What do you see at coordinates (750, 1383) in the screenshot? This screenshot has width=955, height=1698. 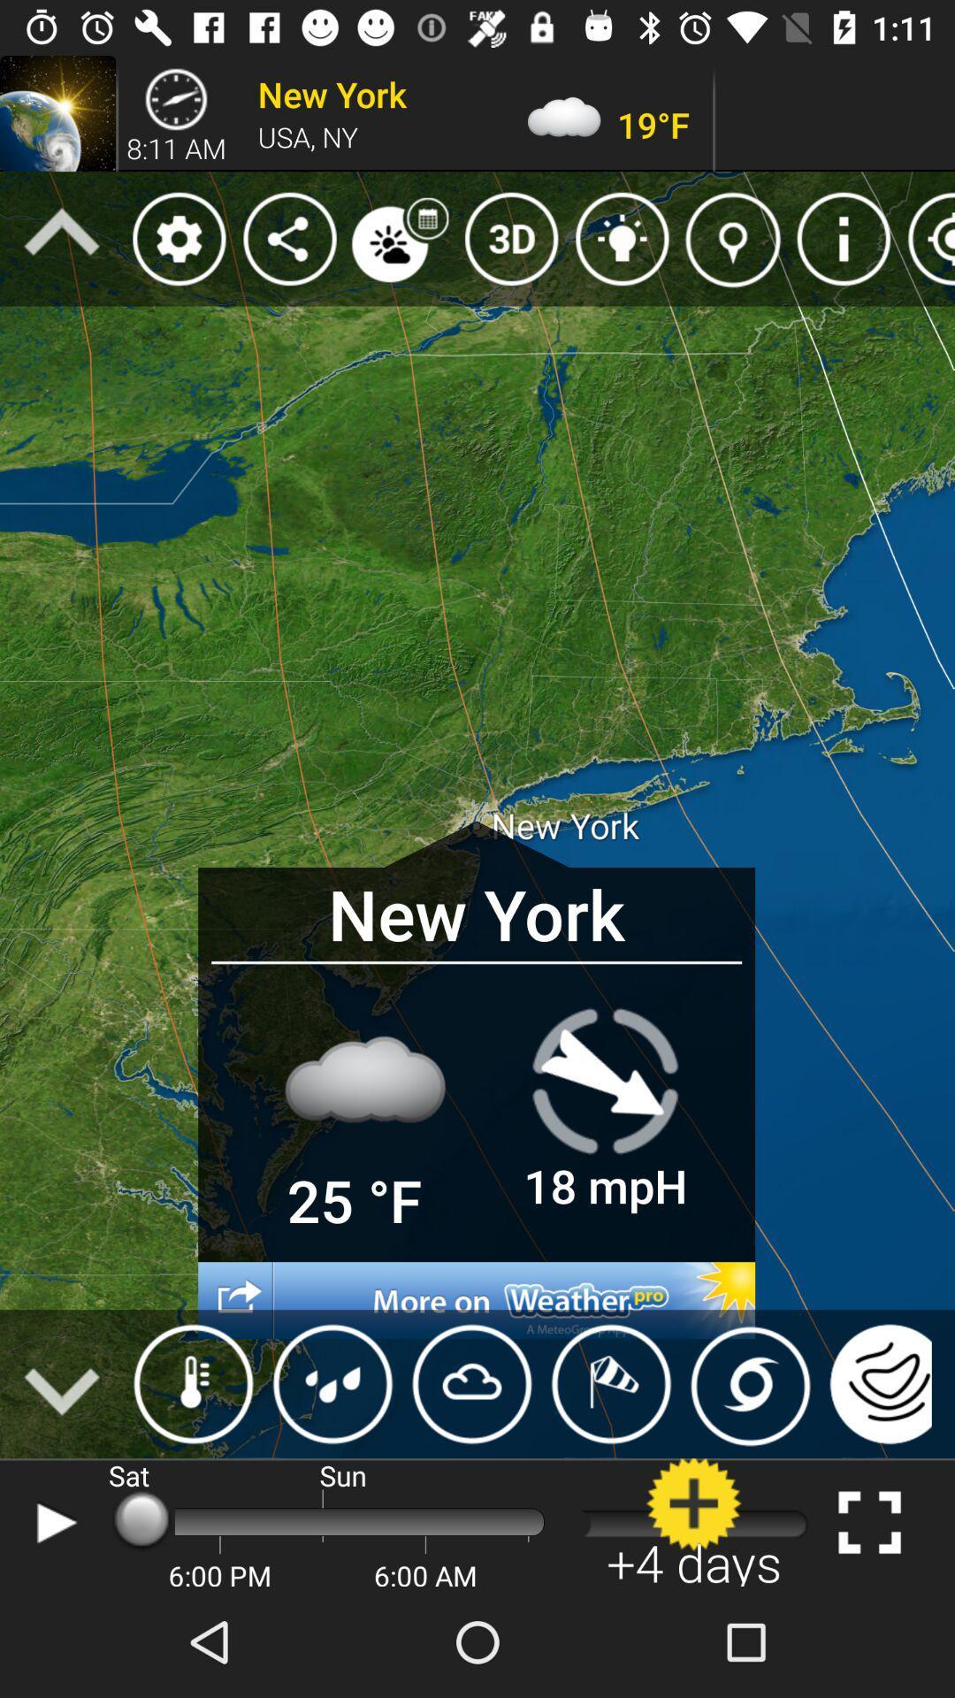 I see `the photo icon` at bounding box center [750, 1383].